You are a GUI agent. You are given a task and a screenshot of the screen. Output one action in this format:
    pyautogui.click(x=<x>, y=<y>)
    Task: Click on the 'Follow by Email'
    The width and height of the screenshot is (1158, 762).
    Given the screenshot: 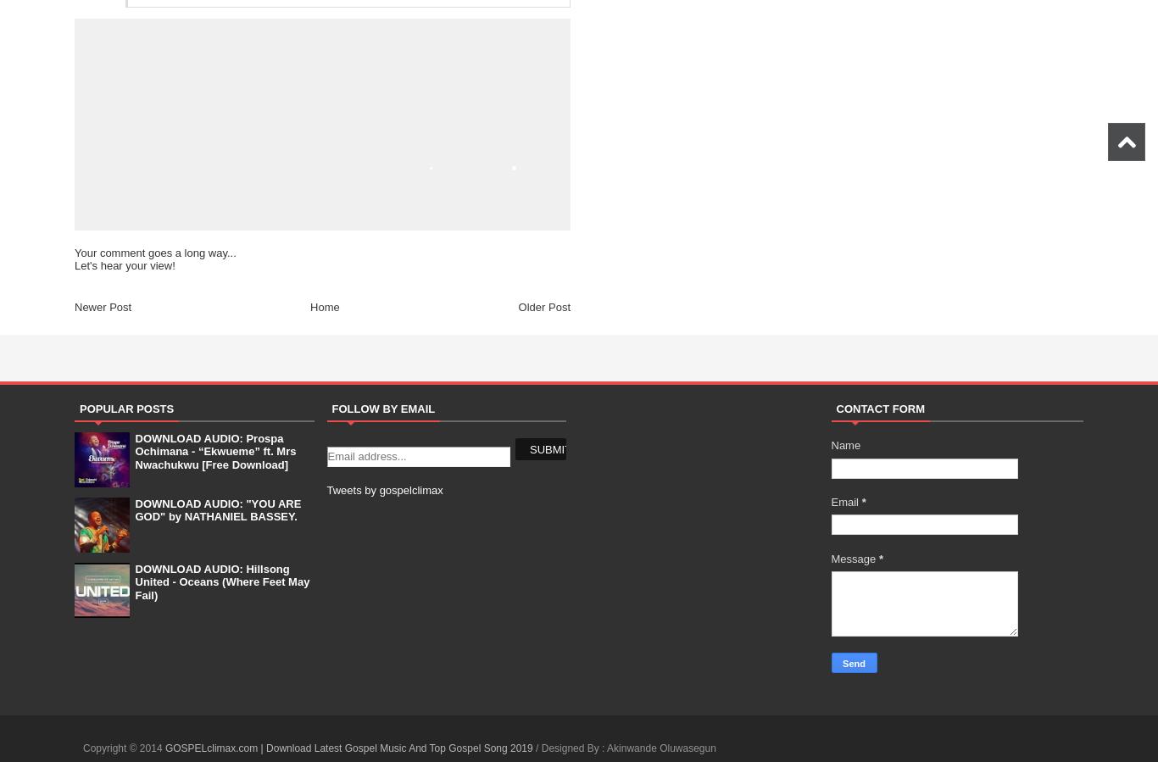 What is the action you would take?
    pyautogui.click(x=382, y=408)
    